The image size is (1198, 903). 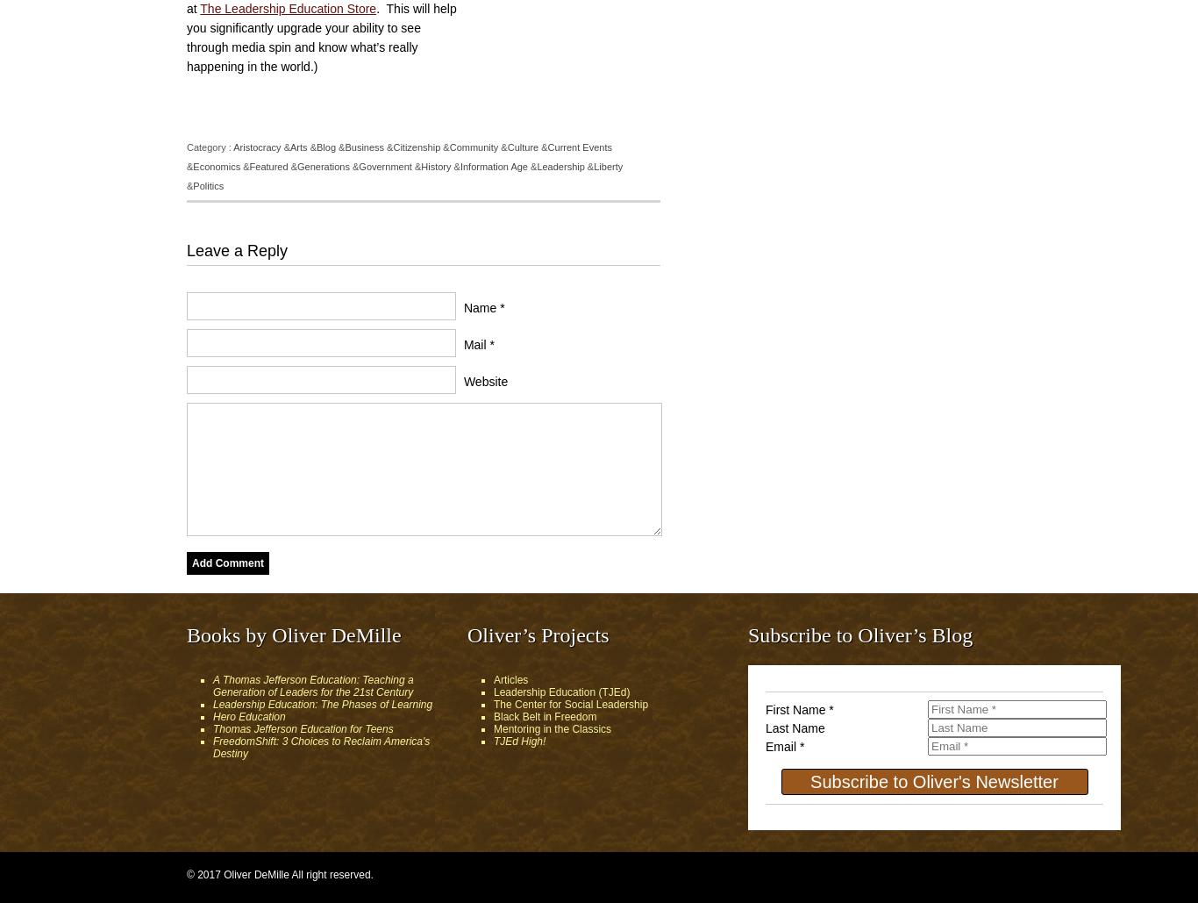 What do you see at coordinates (392, 147) in the screenshot?
I see `'Citizenship'` at bounding box center [392, 147].